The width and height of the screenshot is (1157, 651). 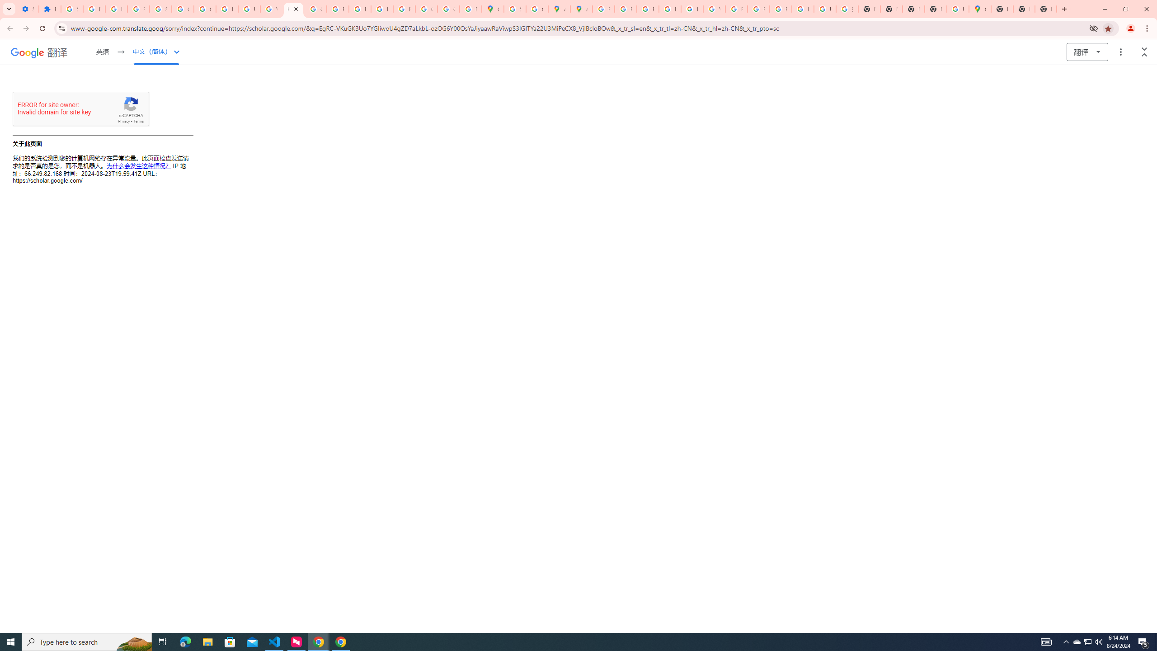 I want to click on 'Learn how to find your photos - Google Photos Help', so click(x=116, y=9).